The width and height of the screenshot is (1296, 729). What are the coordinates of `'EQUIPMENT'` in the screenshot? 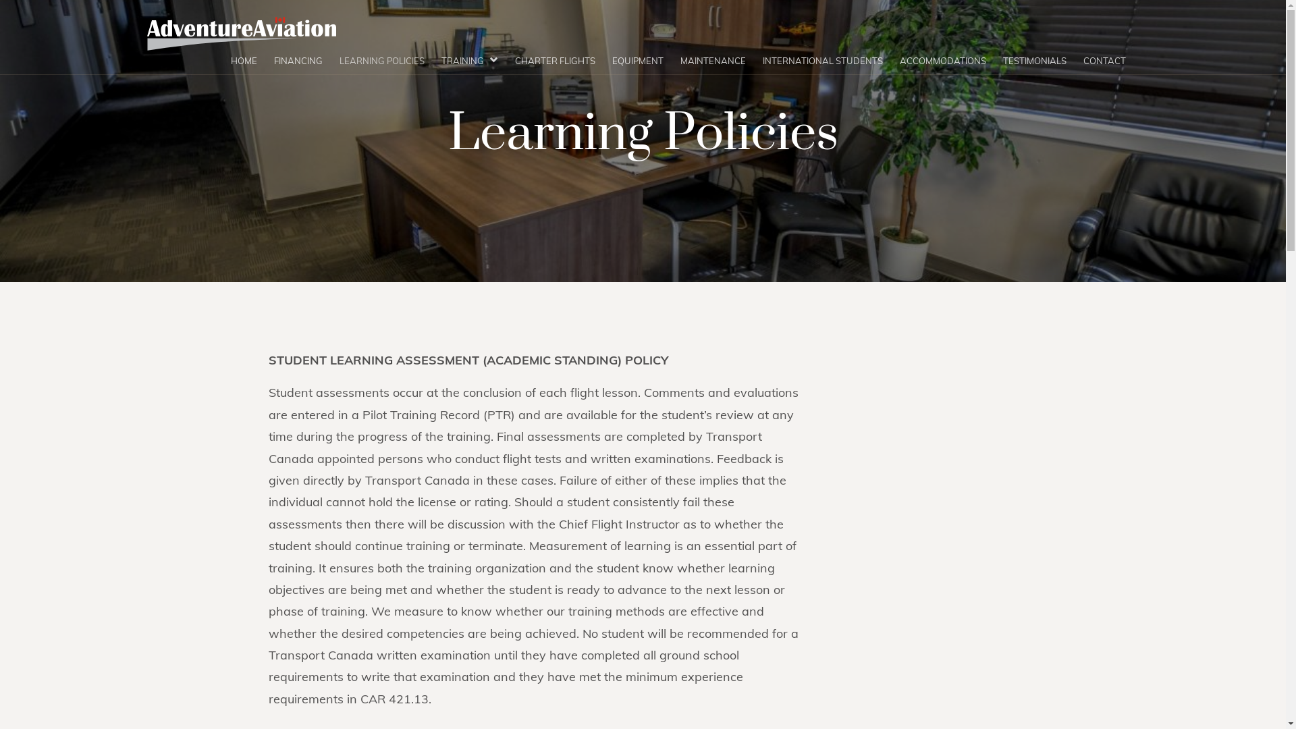 It's located at (637, 61).